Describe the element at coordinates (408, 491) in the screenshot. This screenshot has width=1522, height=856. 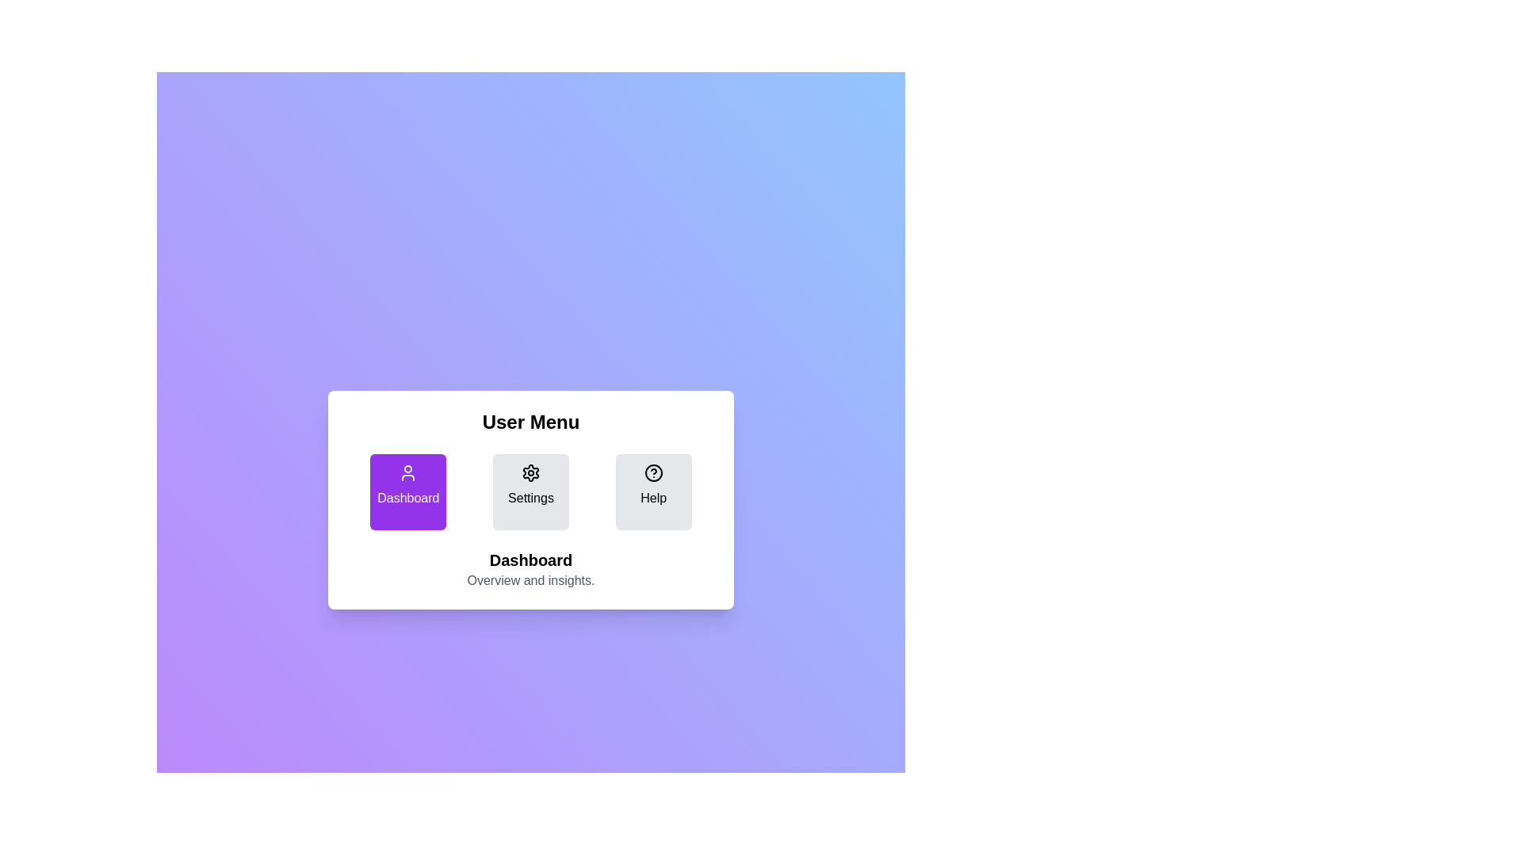
I see `the Dashboard button to activate the corresponding section` at that location.